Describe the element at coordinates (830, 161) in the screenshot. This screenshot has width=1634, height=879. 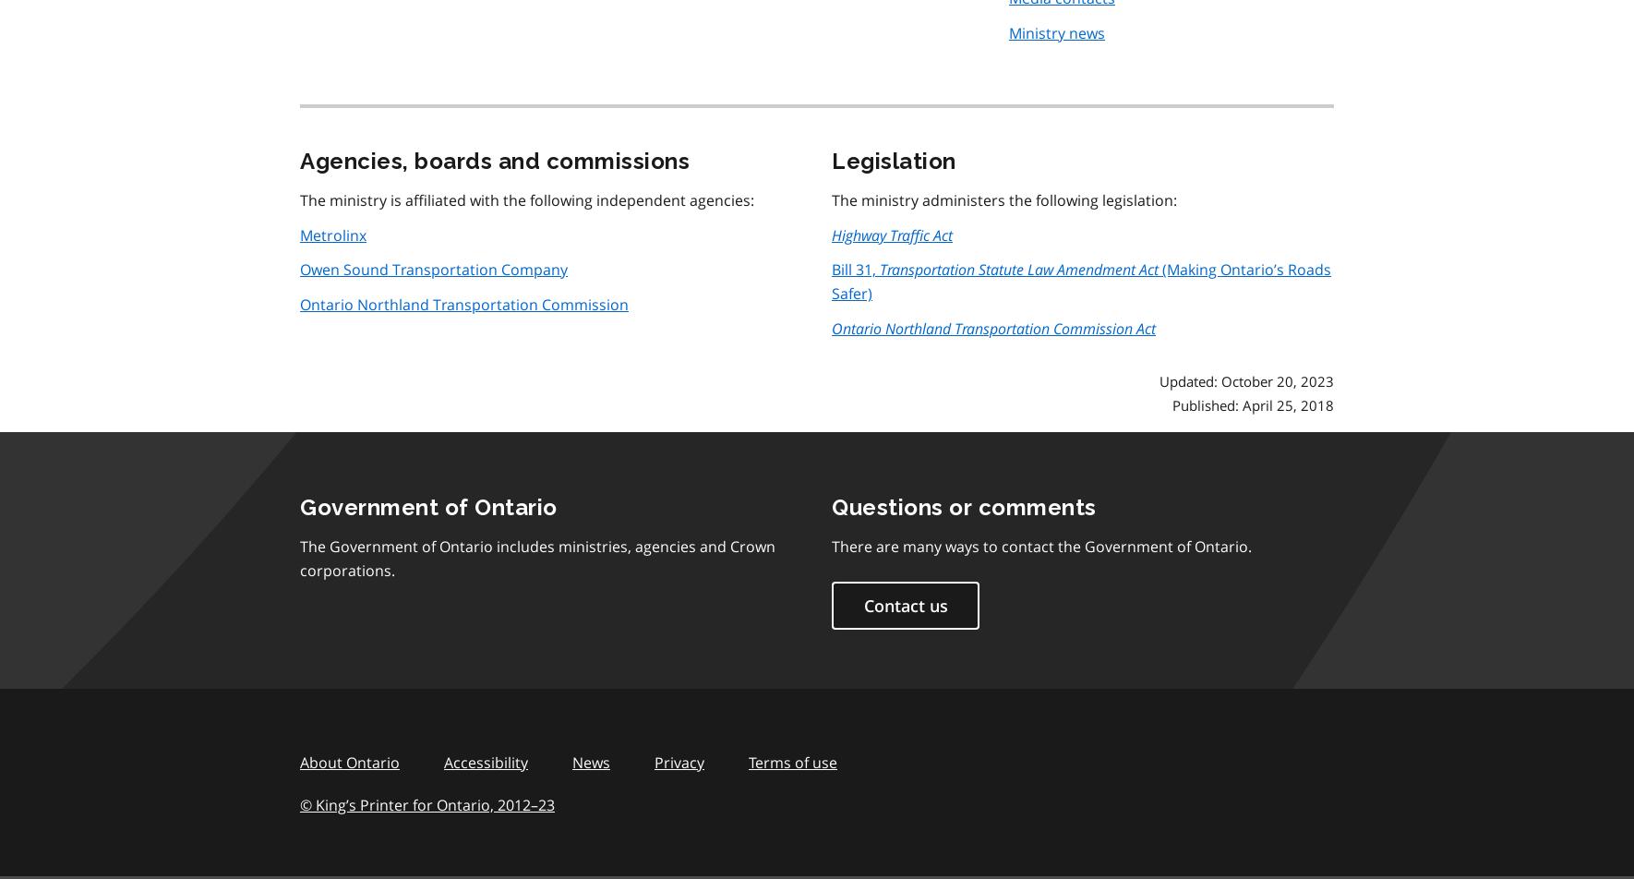
I see `'Legislation'` at that location.